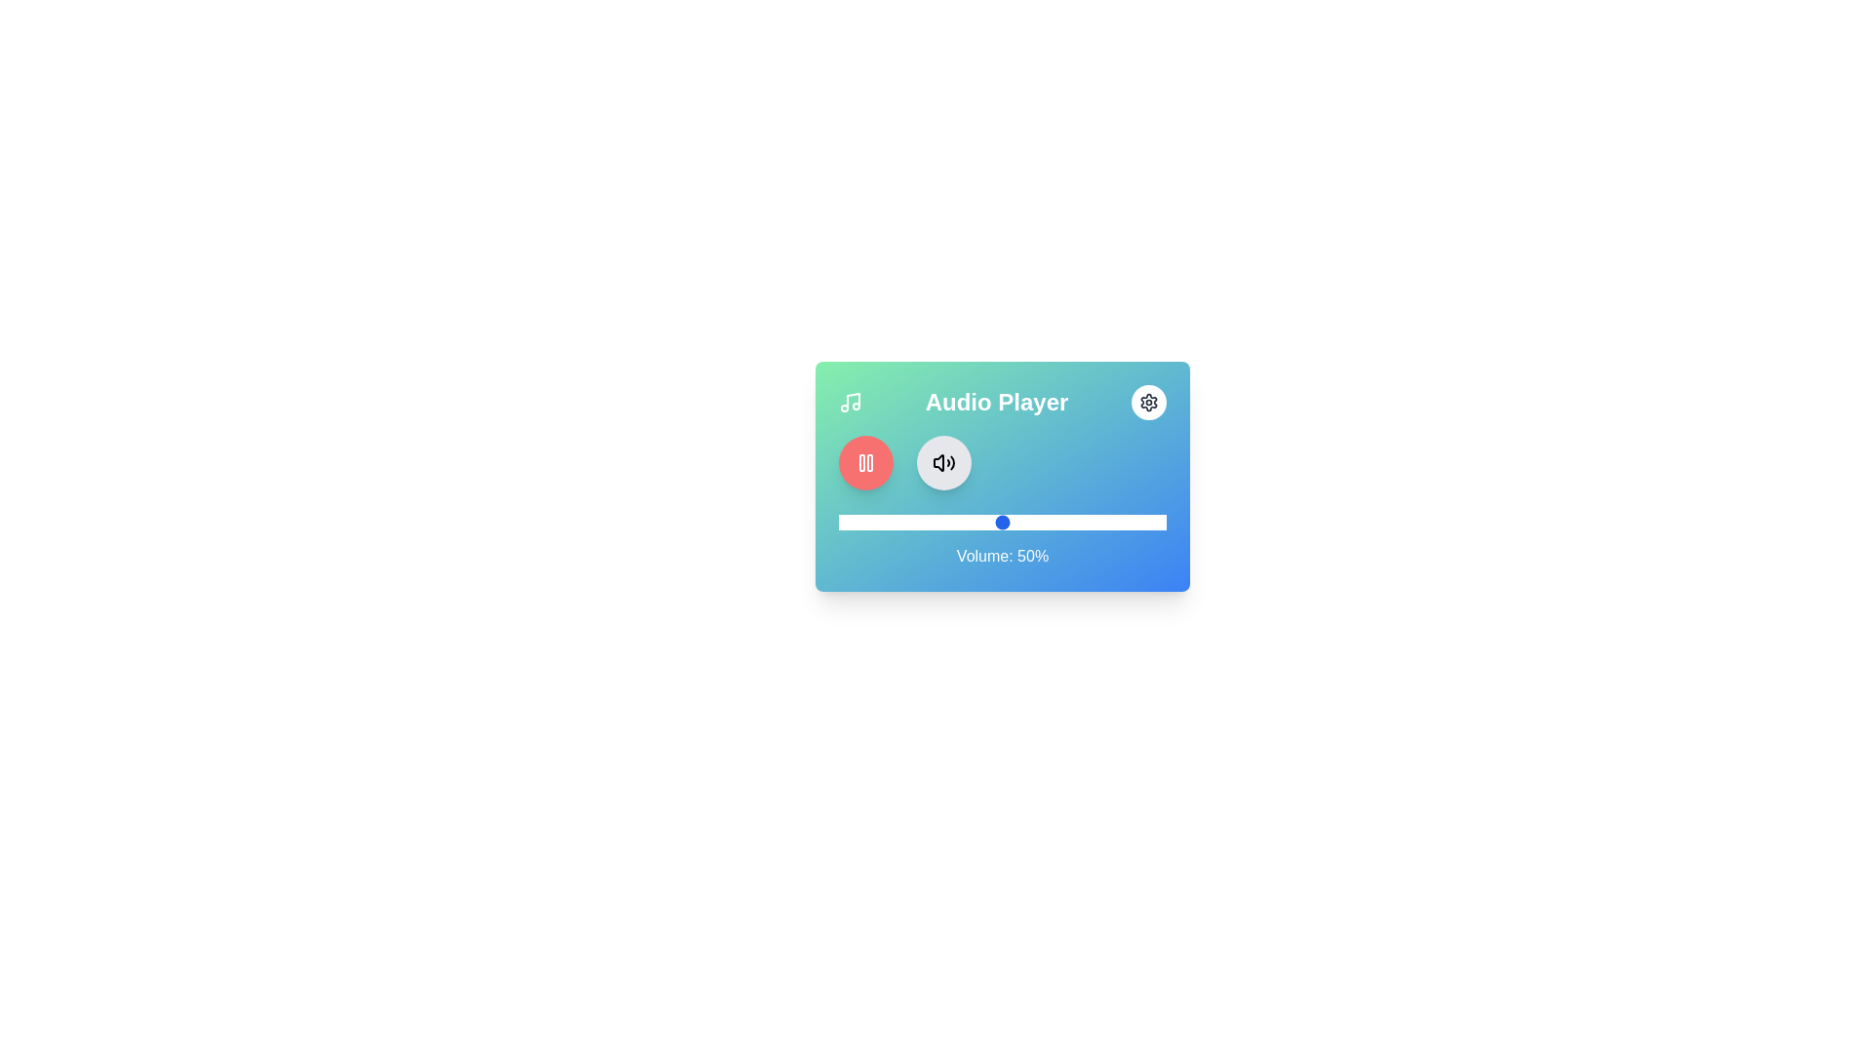 This screenshot has height=1053, width=1873. I want to click on the slider value, so click(1114, 522).